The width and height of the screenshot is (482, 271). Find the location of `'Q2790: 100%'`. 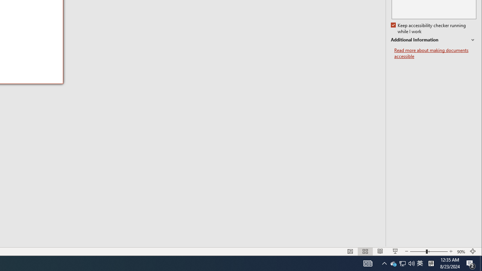

'Q2790: 100%' is located at coordinates (402, 263).